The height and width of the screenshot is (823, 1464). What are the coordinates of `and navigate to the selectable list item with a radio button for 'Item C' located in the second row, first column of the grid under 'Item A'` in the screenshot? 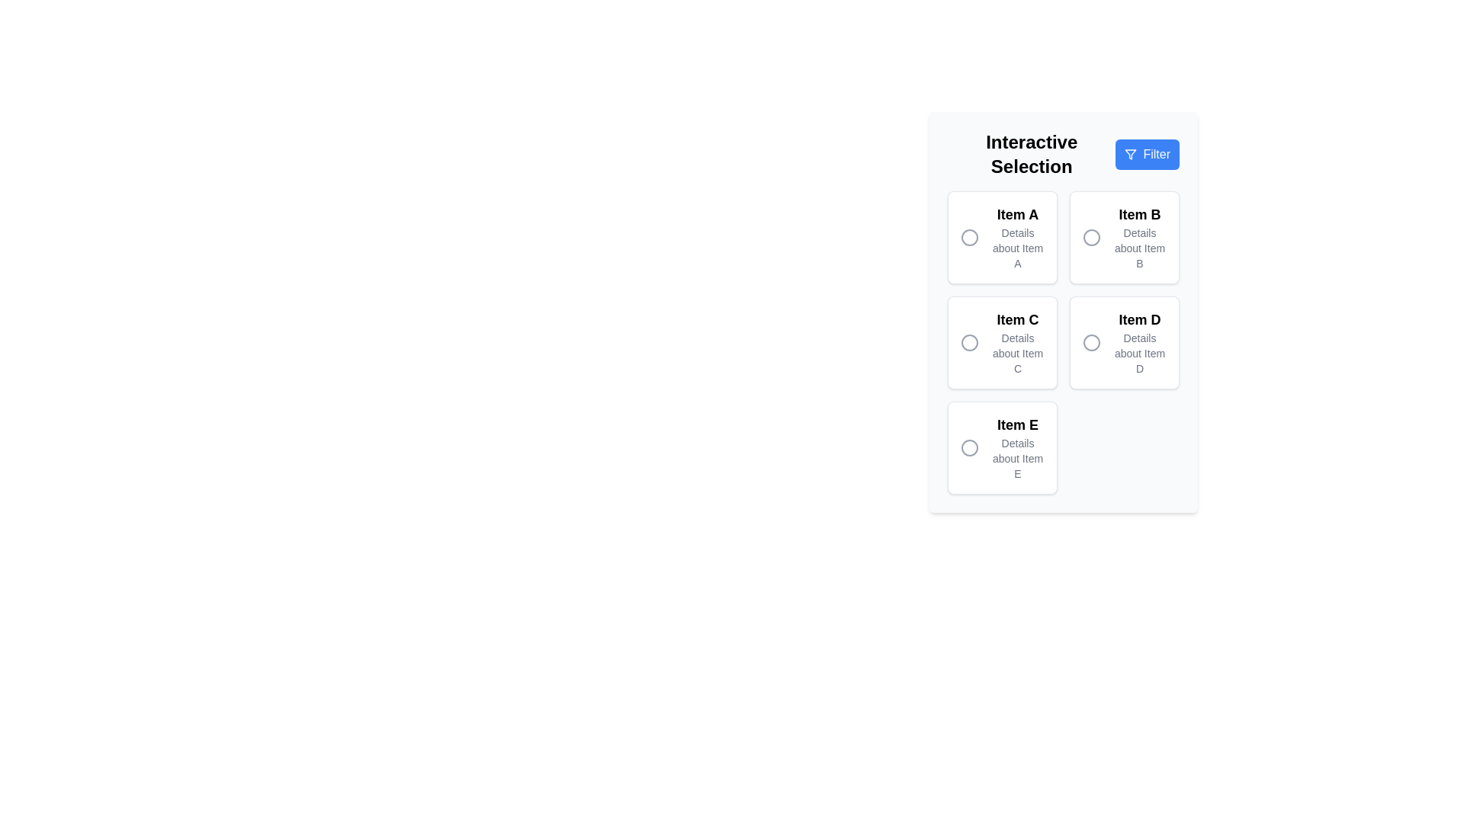 It's located at (1003, 343).